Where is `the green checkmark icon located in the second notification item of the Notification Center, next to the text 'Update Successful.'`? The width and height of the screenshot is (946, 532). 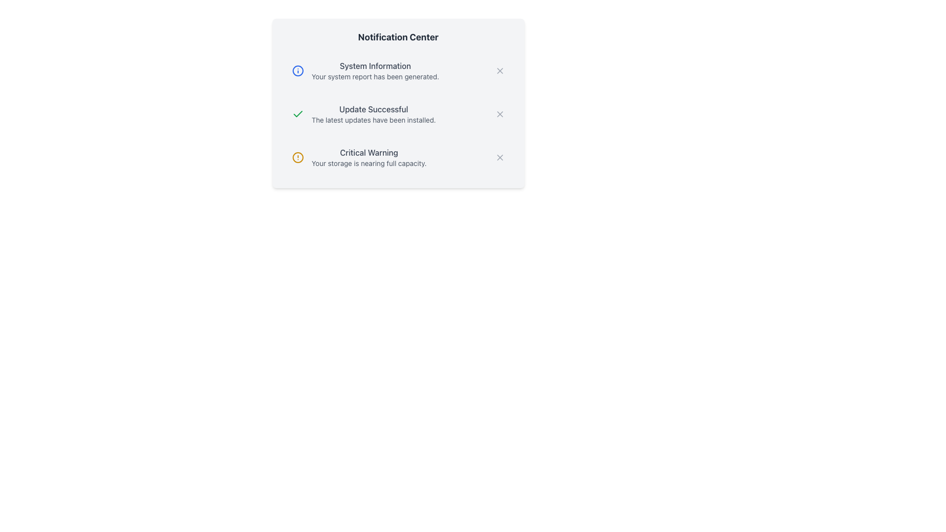
the green checkmark icon located in the second notification item of the Notification Center, next to the text 'Update Successful.' is located at coordinates (297, 113).